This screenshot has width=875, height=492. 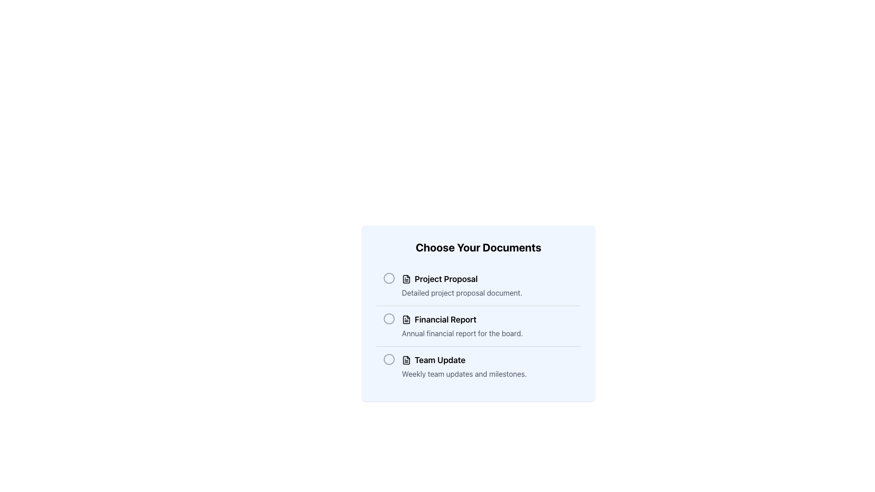 I want to click on the 'Financial Report' option item, which includes a bold title and a description, so click(x=462, y=326).